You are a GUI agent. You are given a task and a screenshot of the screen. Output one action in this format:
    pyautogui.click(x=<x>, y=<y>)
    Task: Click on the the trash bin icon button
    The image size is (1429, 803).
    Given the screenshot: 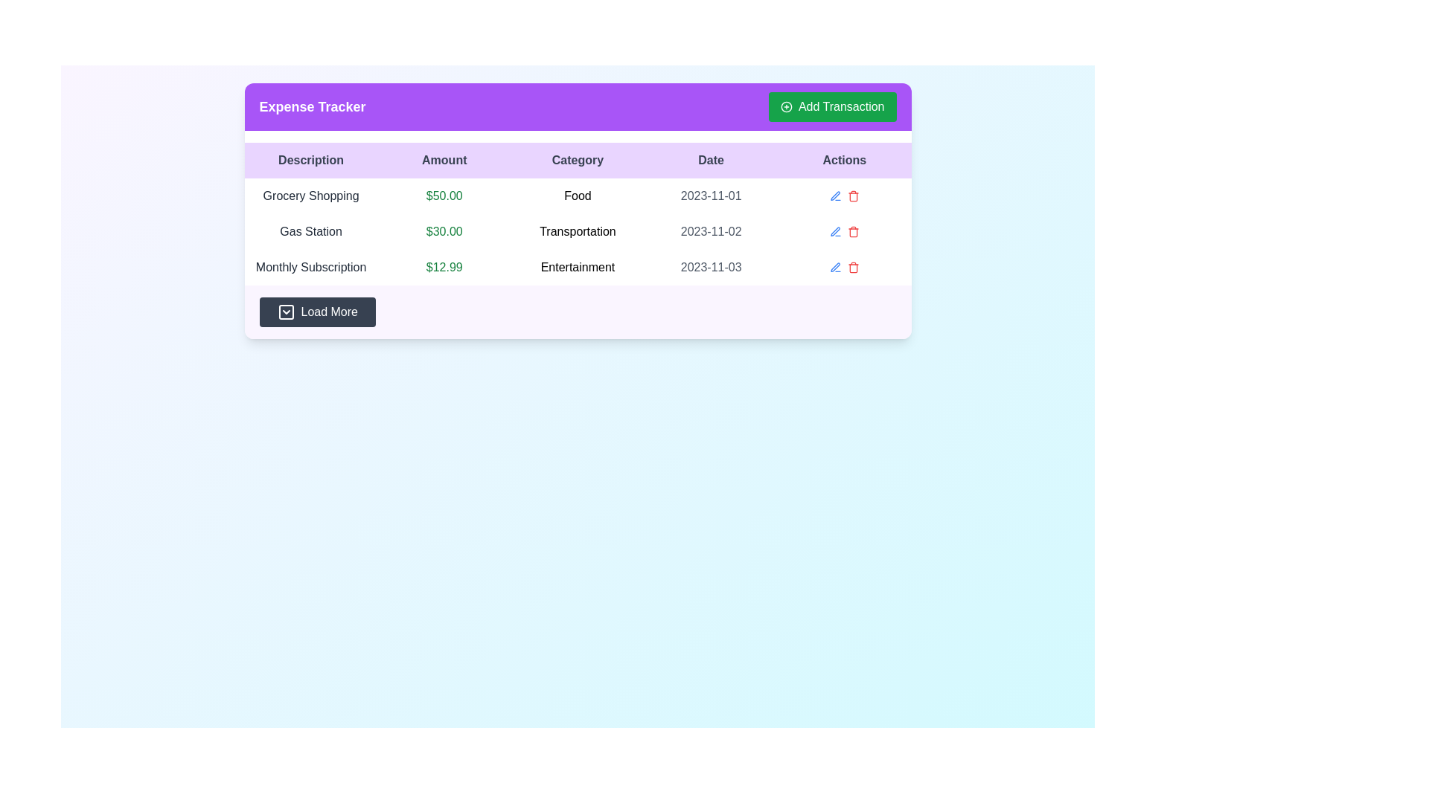 What is the action you would take?
    pyautogui.click(x=853, y=233)
    